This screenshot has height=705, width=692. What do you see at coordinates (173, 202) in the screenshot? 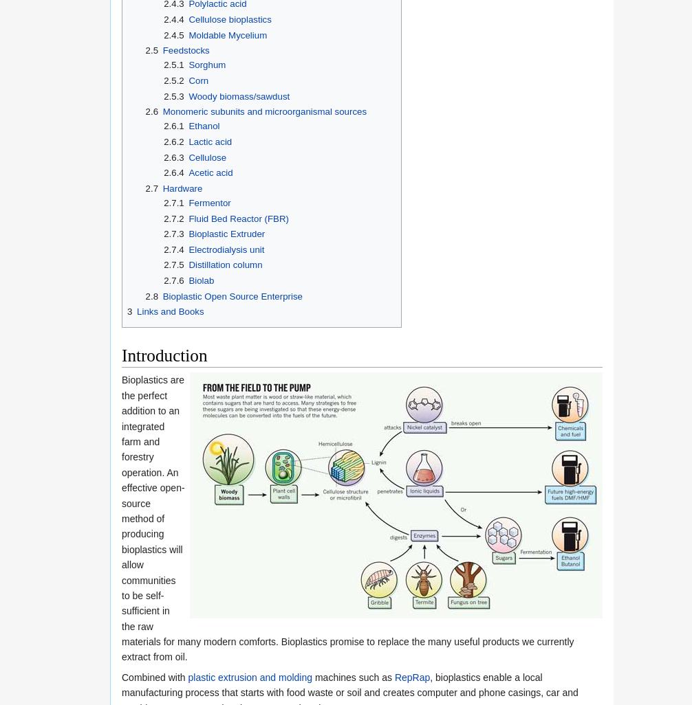
I see `'2.7.1'` at bounding box center [173, 202].